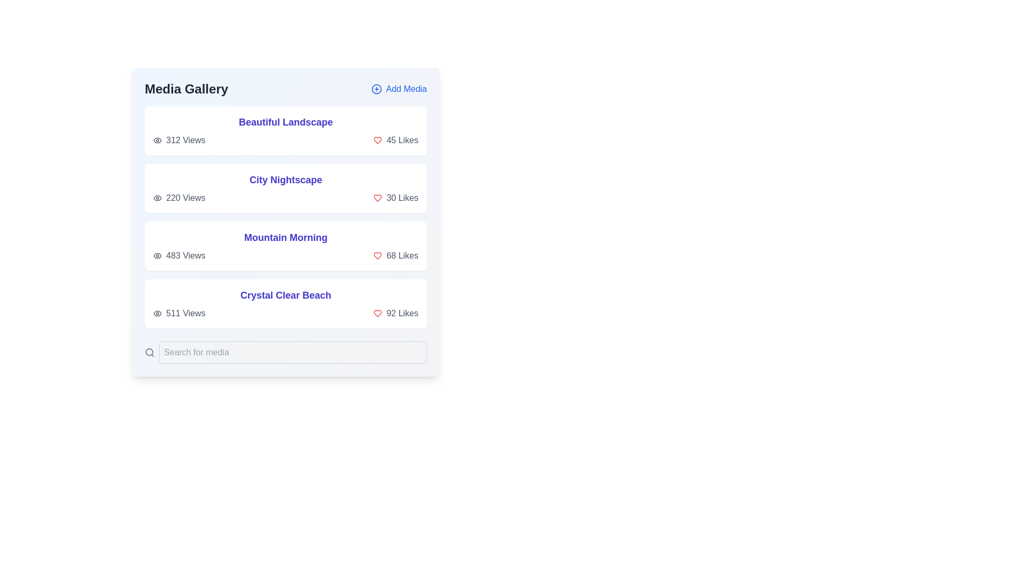 Image resolution: width=1026 pixels, height=577 pixels. What do you see at coordinates (285, 237) in the screenshot?
I see `the title of the media item Mountain Morning` at bounding box center [285, 237].